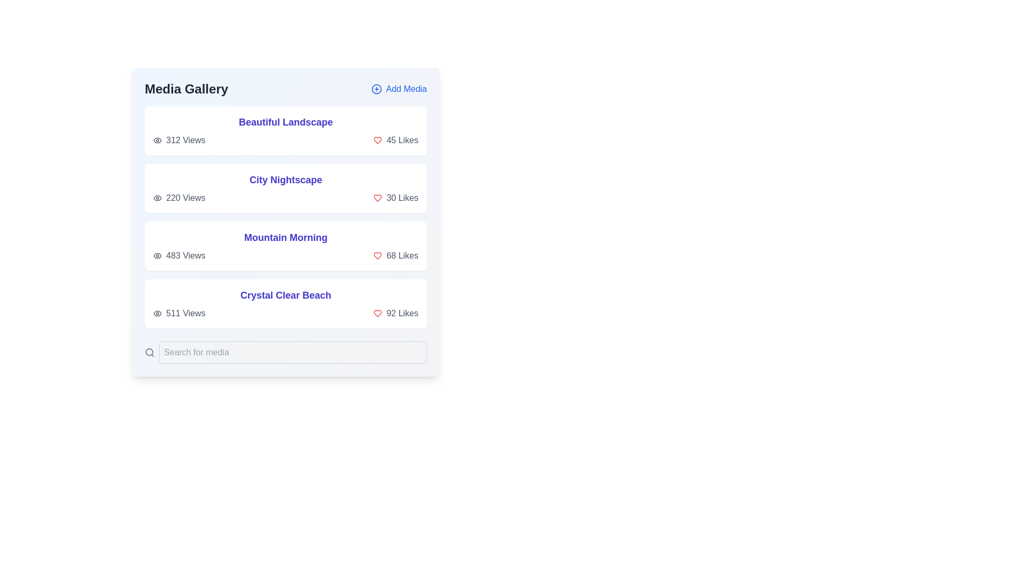 Image resolution: width=1026 pixels, height=577 pixels. What do you see at coordinates (285, 237) in the screenshot?
I see `the title of the media item Mountain Morning` at bounding box center [285, 237].